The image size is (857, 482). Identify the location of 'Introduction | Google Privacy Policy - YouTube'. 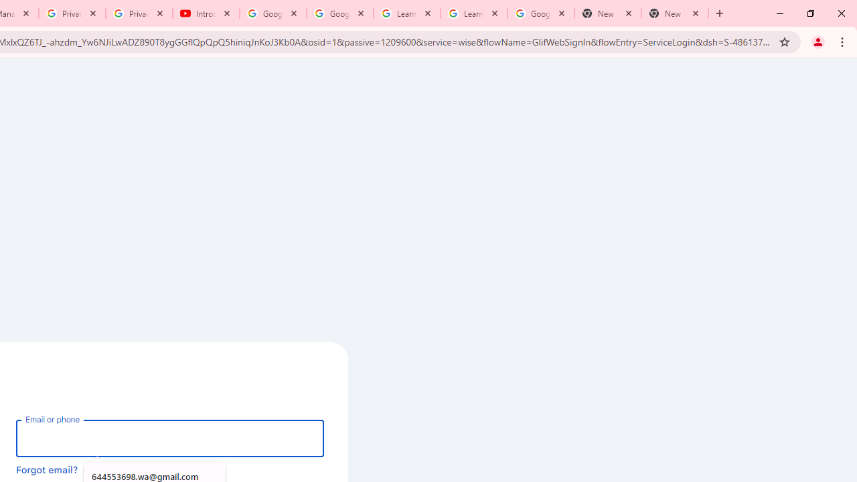
(206, 13).